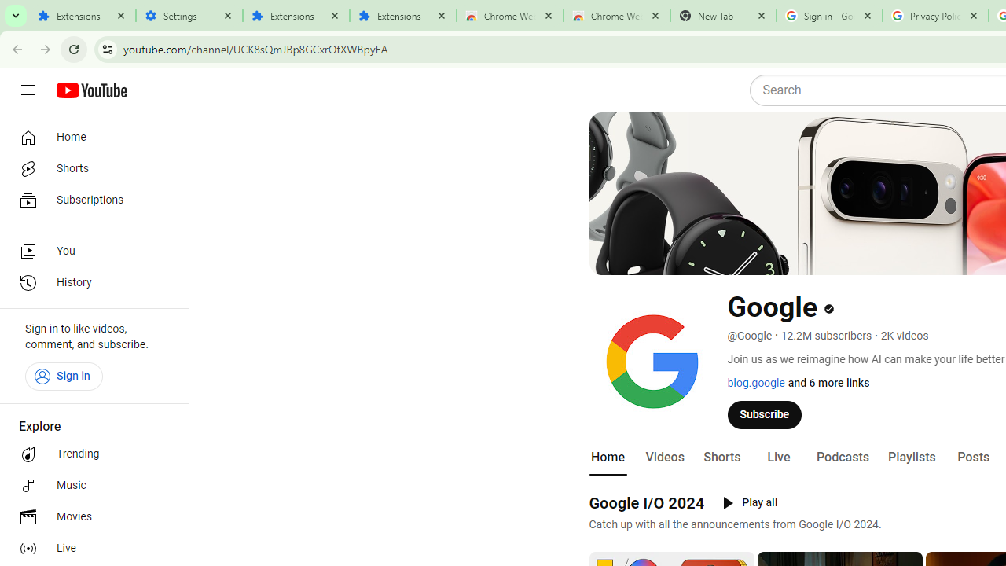  What do you see at coordinates (765, 413) in the screenshot?
I see `'Subscribe'` at bounding box center [765, 413].